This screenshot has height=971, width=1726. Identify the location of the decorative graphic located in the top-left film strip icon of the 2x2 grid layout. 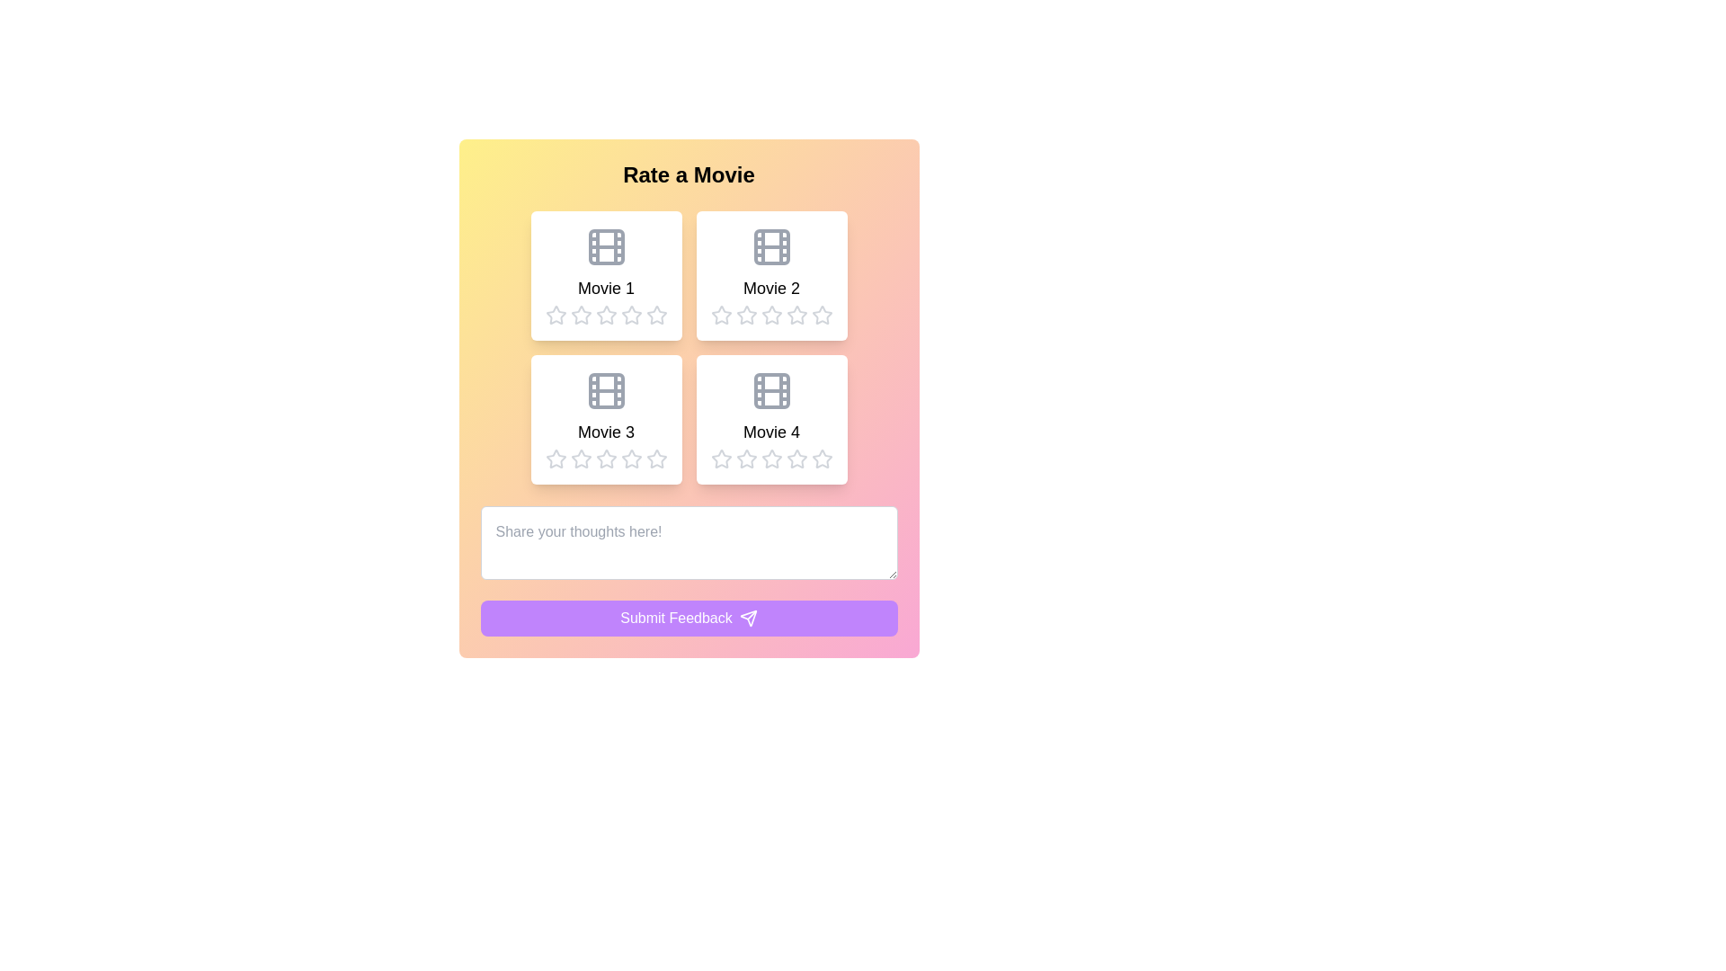
(606, 246).